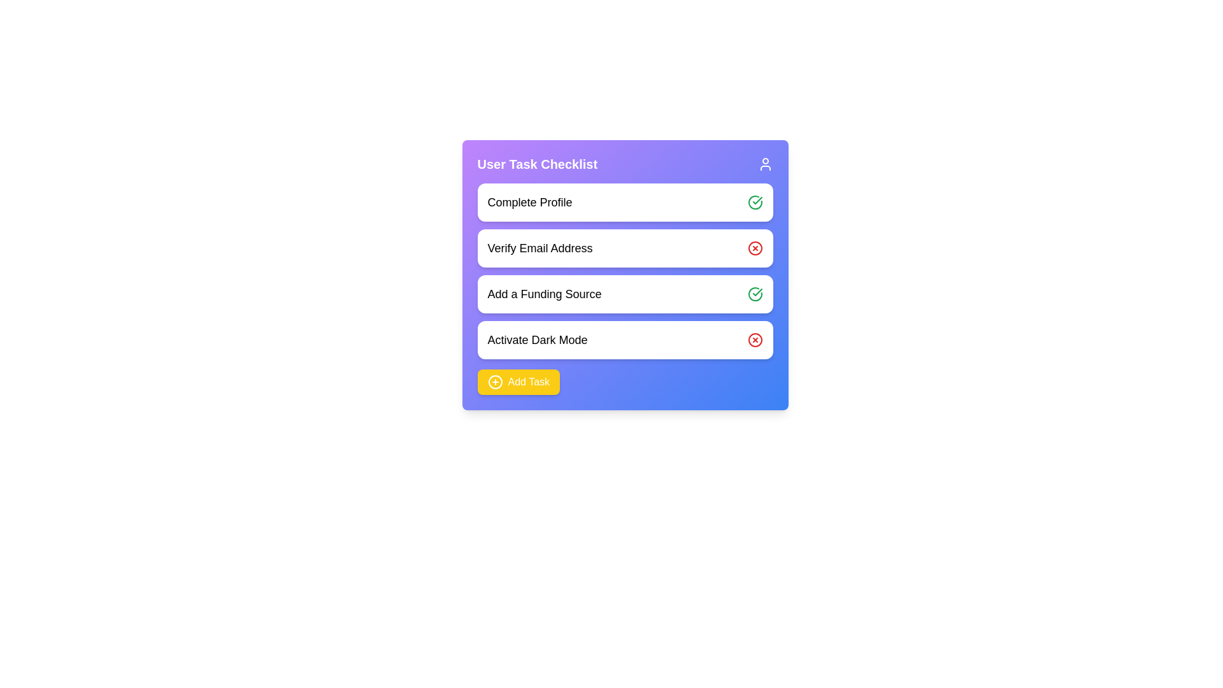  I want to click on the green circular icon with a checkmark, located to the right of the 'Complete Profile' text in the task list, so click(755, 201).